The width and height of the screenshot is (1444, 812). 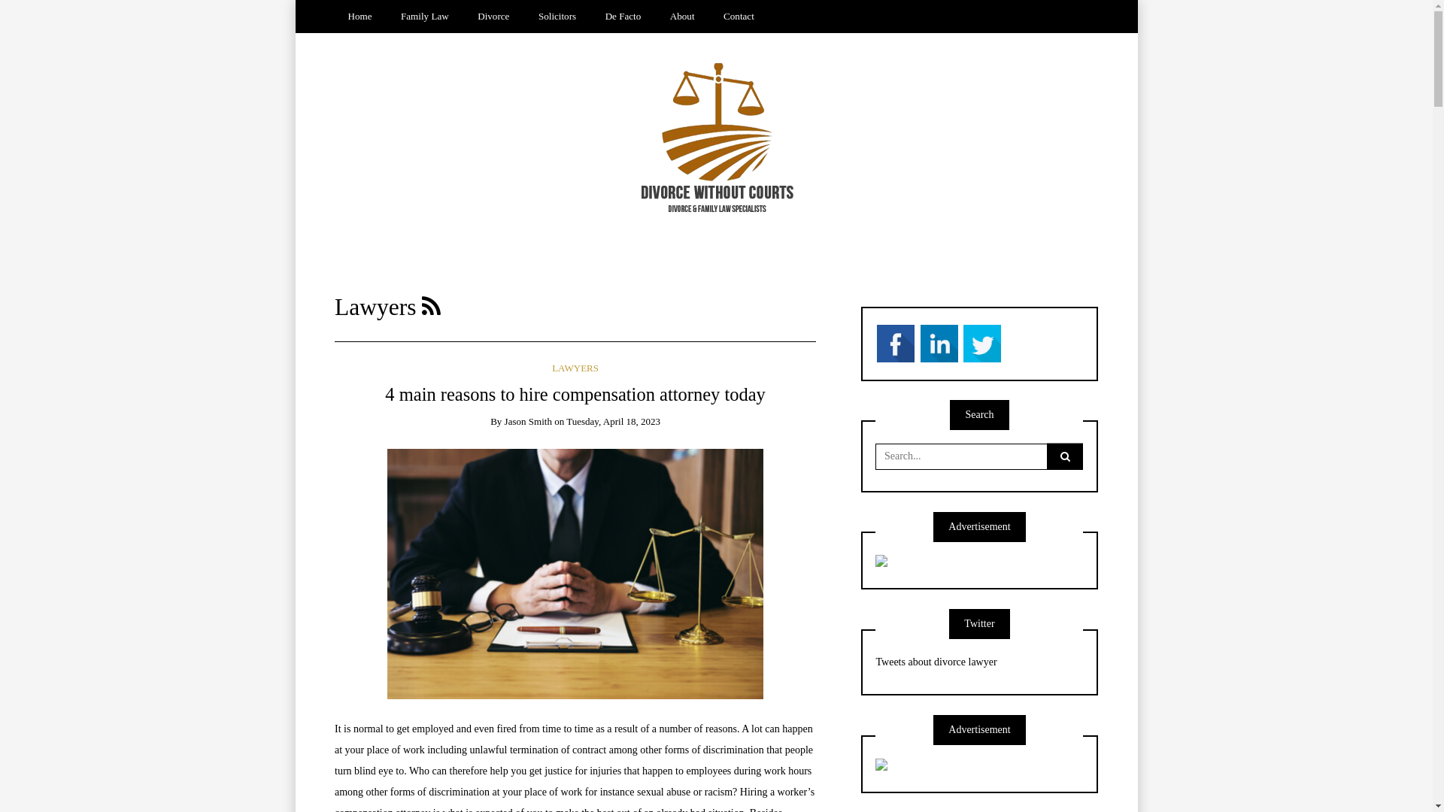 I want to click on 'Linkedin', so click(x=938, y=342).